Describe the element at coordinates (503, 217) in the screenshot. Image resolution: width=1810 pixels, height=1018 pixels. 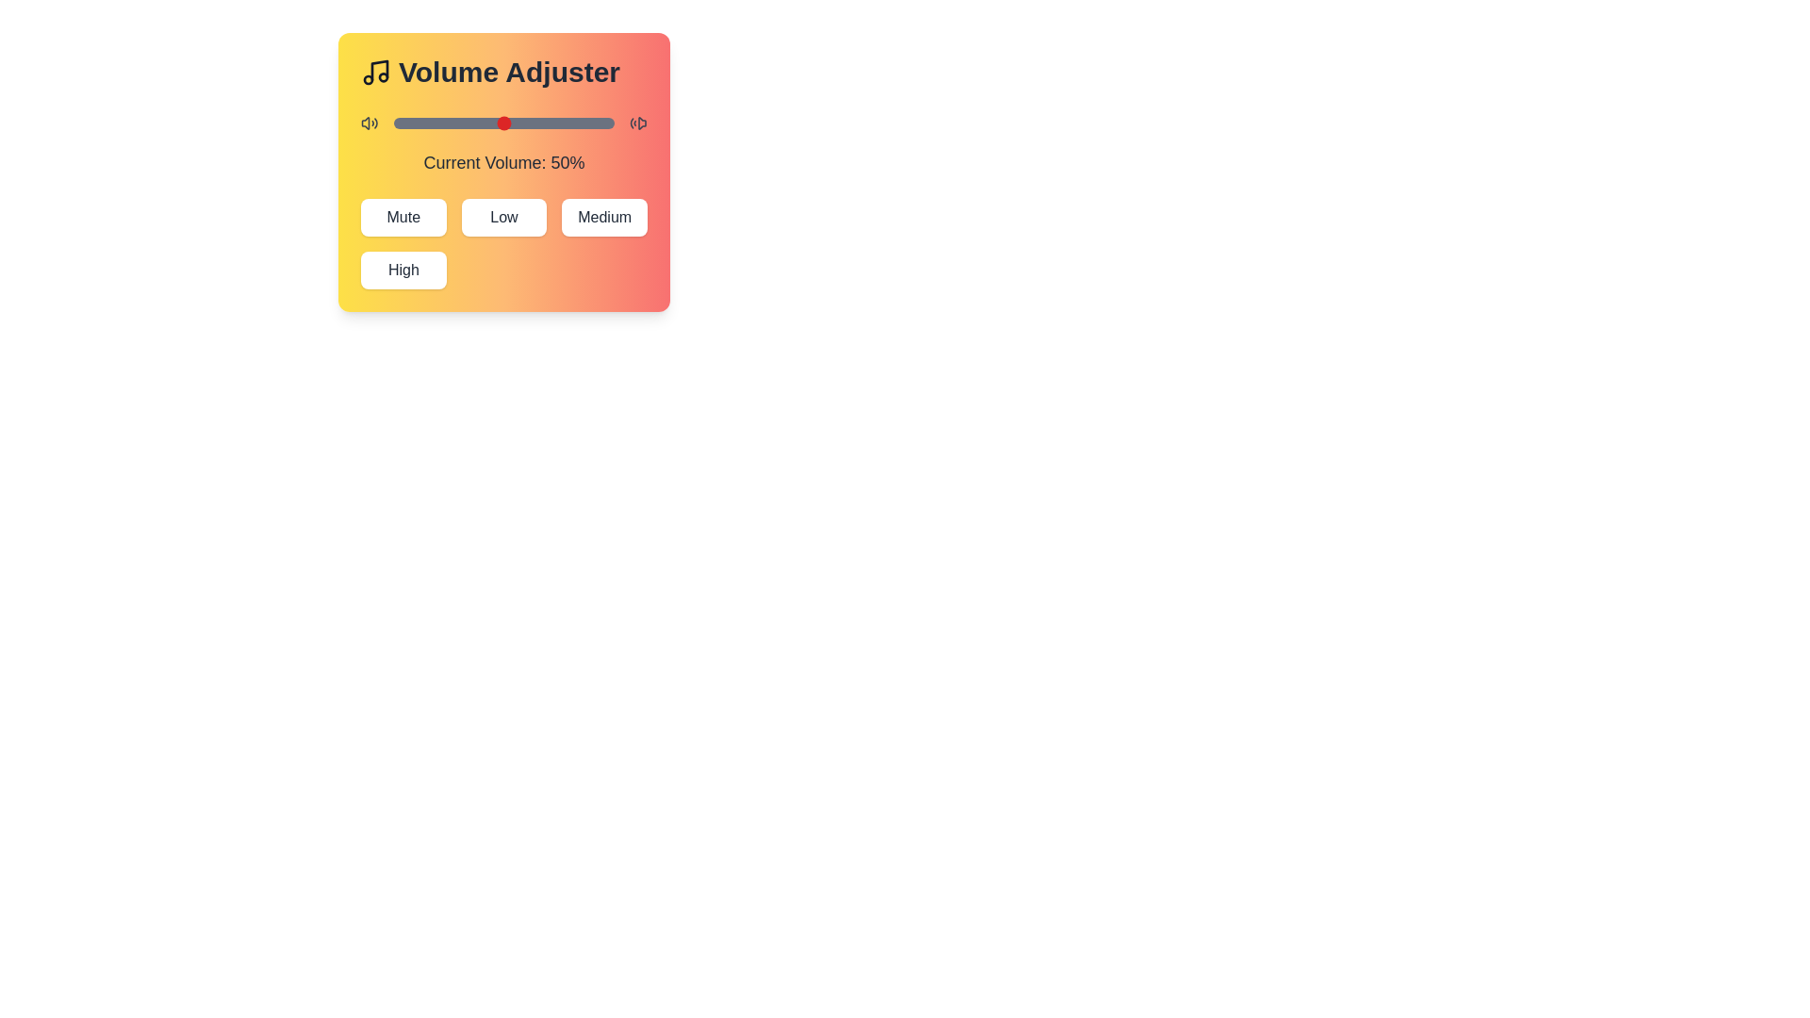
I see `the Low button to set the volume to the corresponding preset level` at that location.